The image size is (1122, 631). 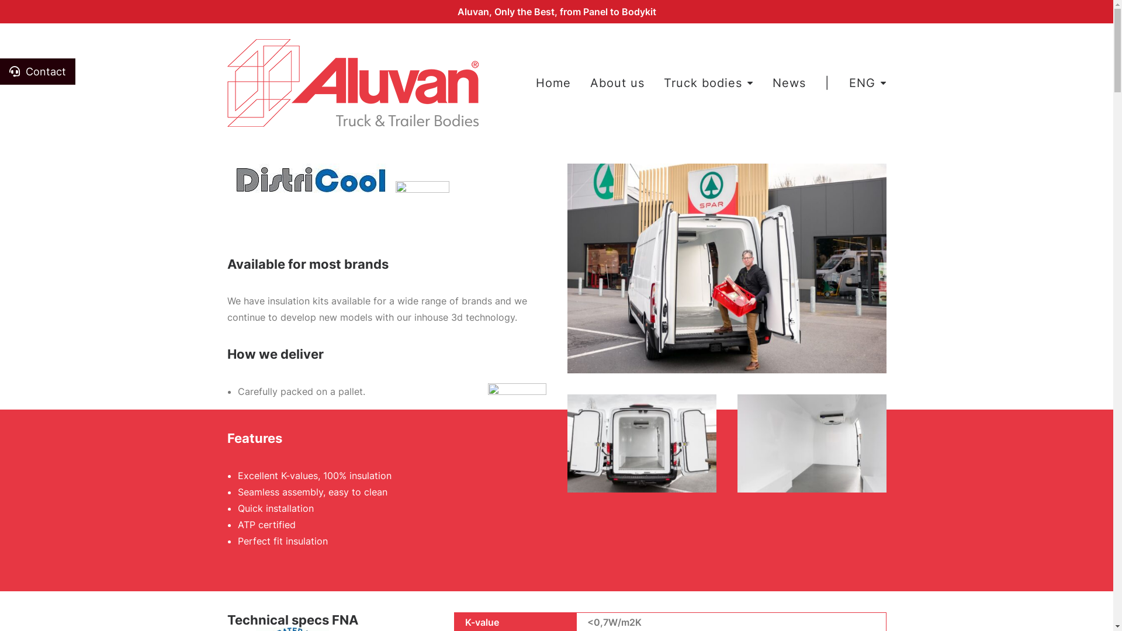 I want to click on 'ENG', so click(x=864, y=82).